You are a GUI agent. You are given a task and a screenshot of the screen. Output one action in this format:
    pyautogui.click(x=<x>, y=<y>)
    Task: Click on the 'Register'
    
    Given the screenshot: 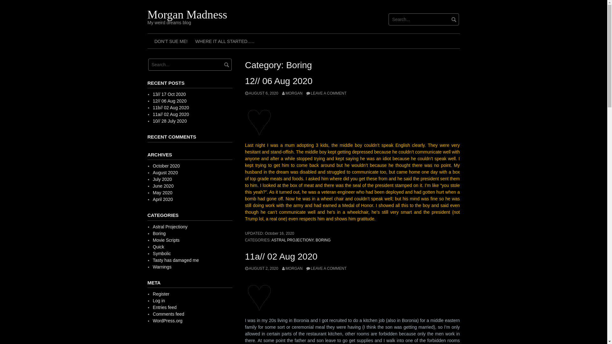 What is the action you would take?
    pyautogui.click(x=152, y=294)
    